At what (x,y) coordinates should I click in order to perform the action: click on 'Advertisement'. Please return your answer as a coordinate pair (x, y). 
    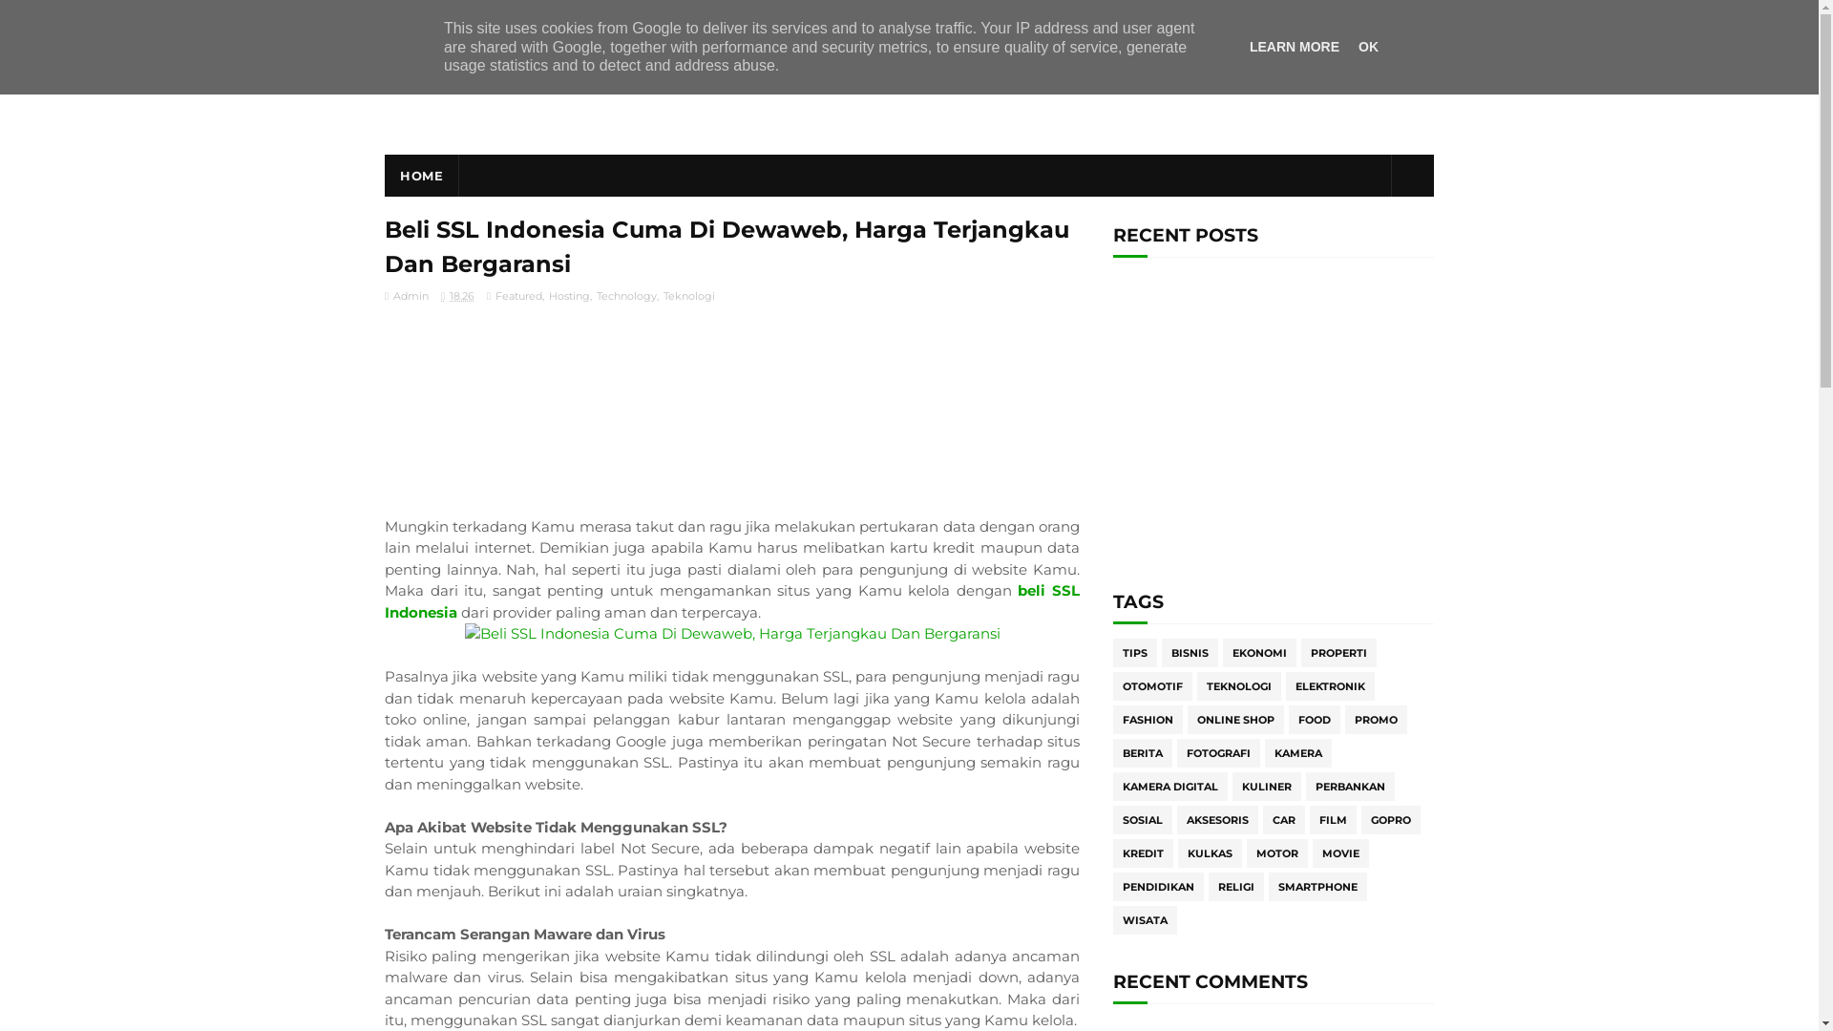
    Looking at the image, I should click on (1274, 423).